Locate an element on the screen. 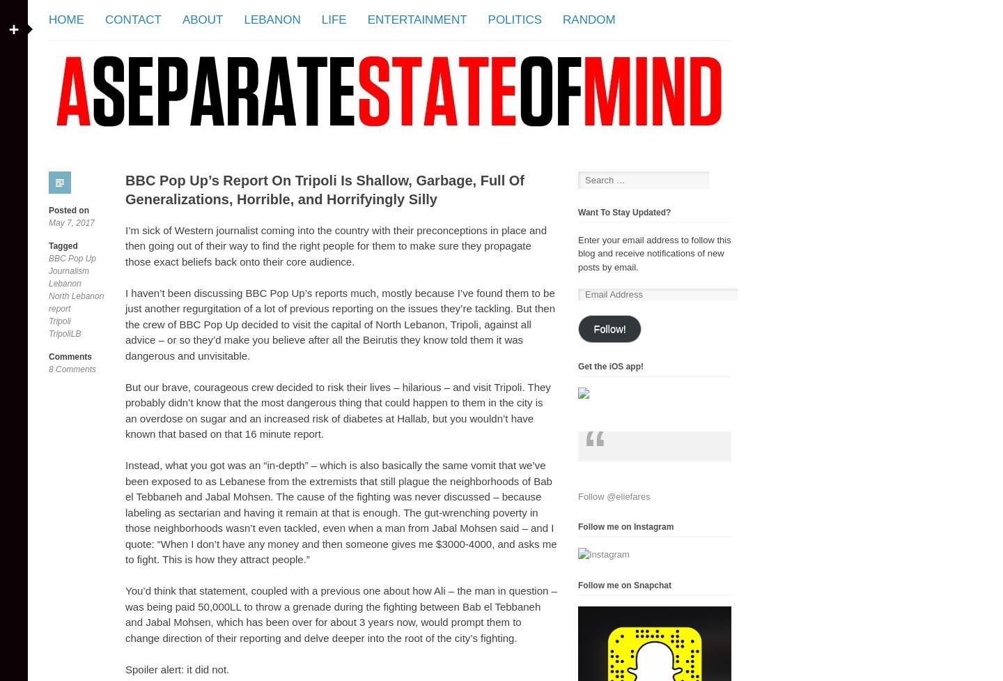  'Follow me on Snapchat' is located at coordinates (623, 584).